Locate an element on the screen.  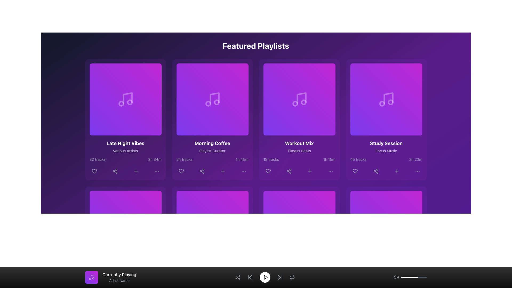
the sharing button located in the bottom section of the 'Study Session' card, positioned under 'Focus Music', to change its color is located at coordinates (375, 171).